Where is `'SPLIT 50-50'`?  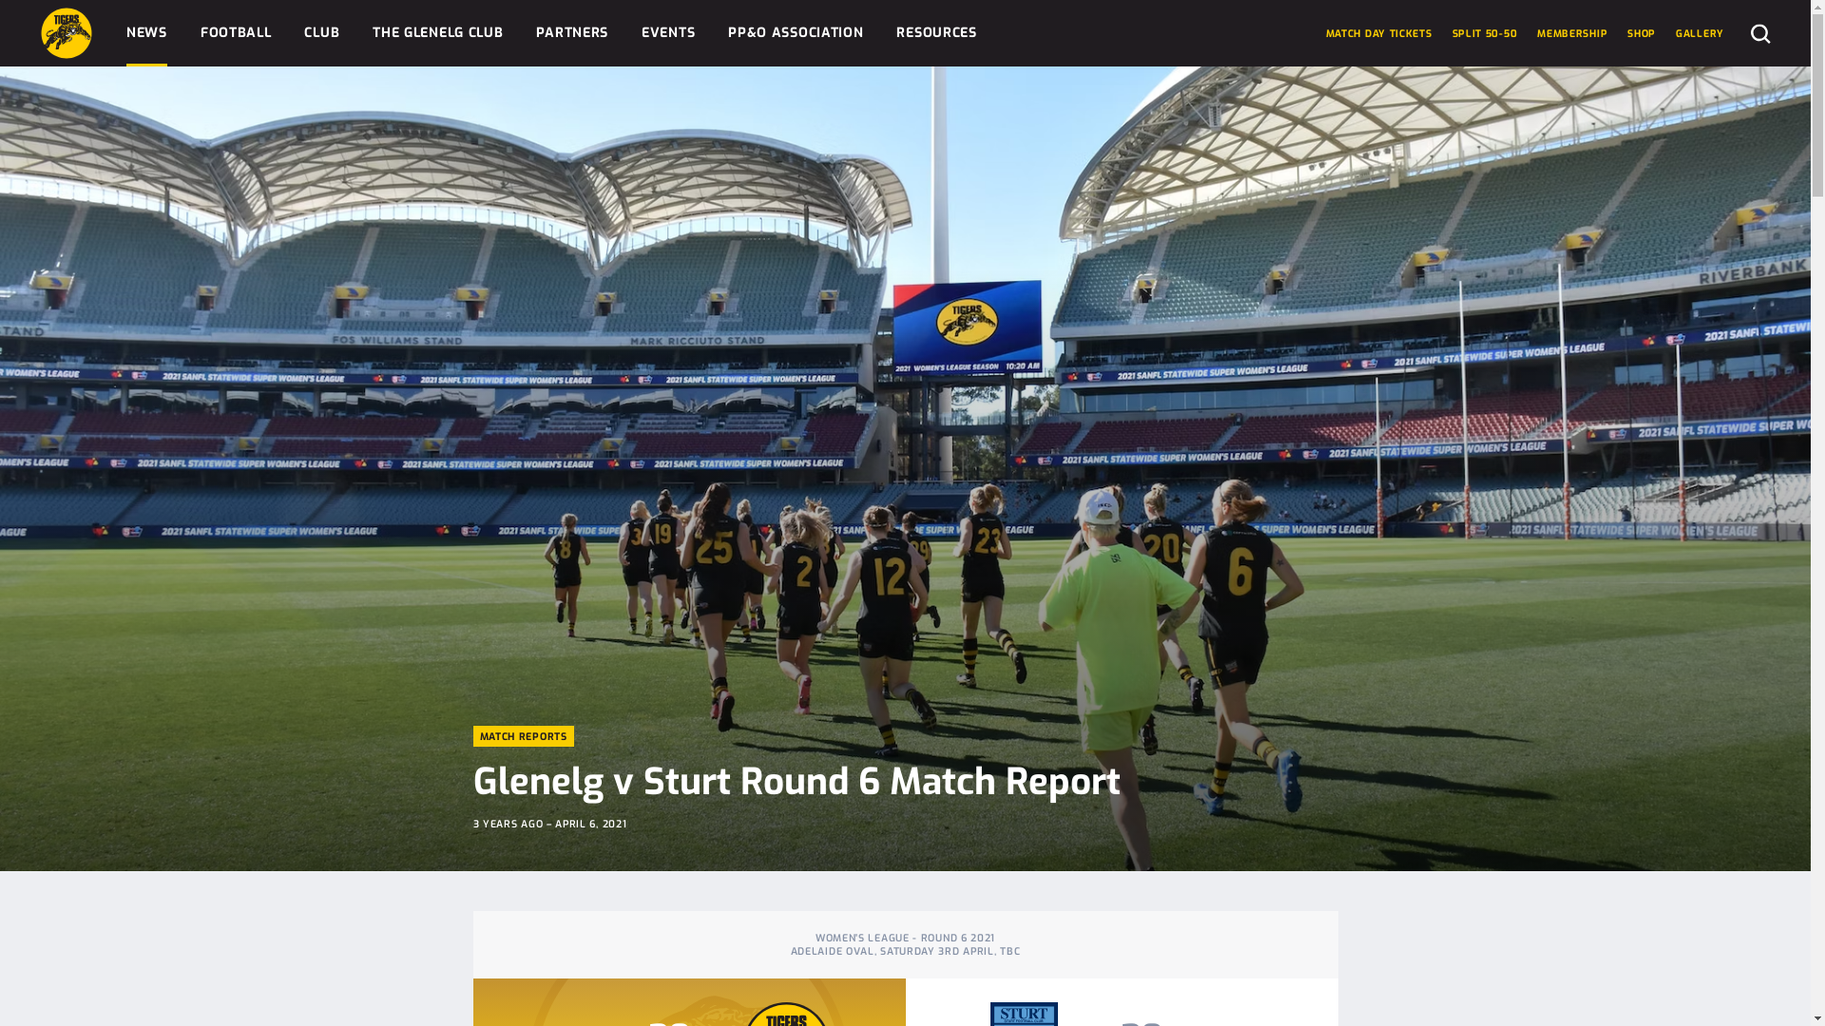 'SPLIT 50-50' is located at coordinates (1484, 32).